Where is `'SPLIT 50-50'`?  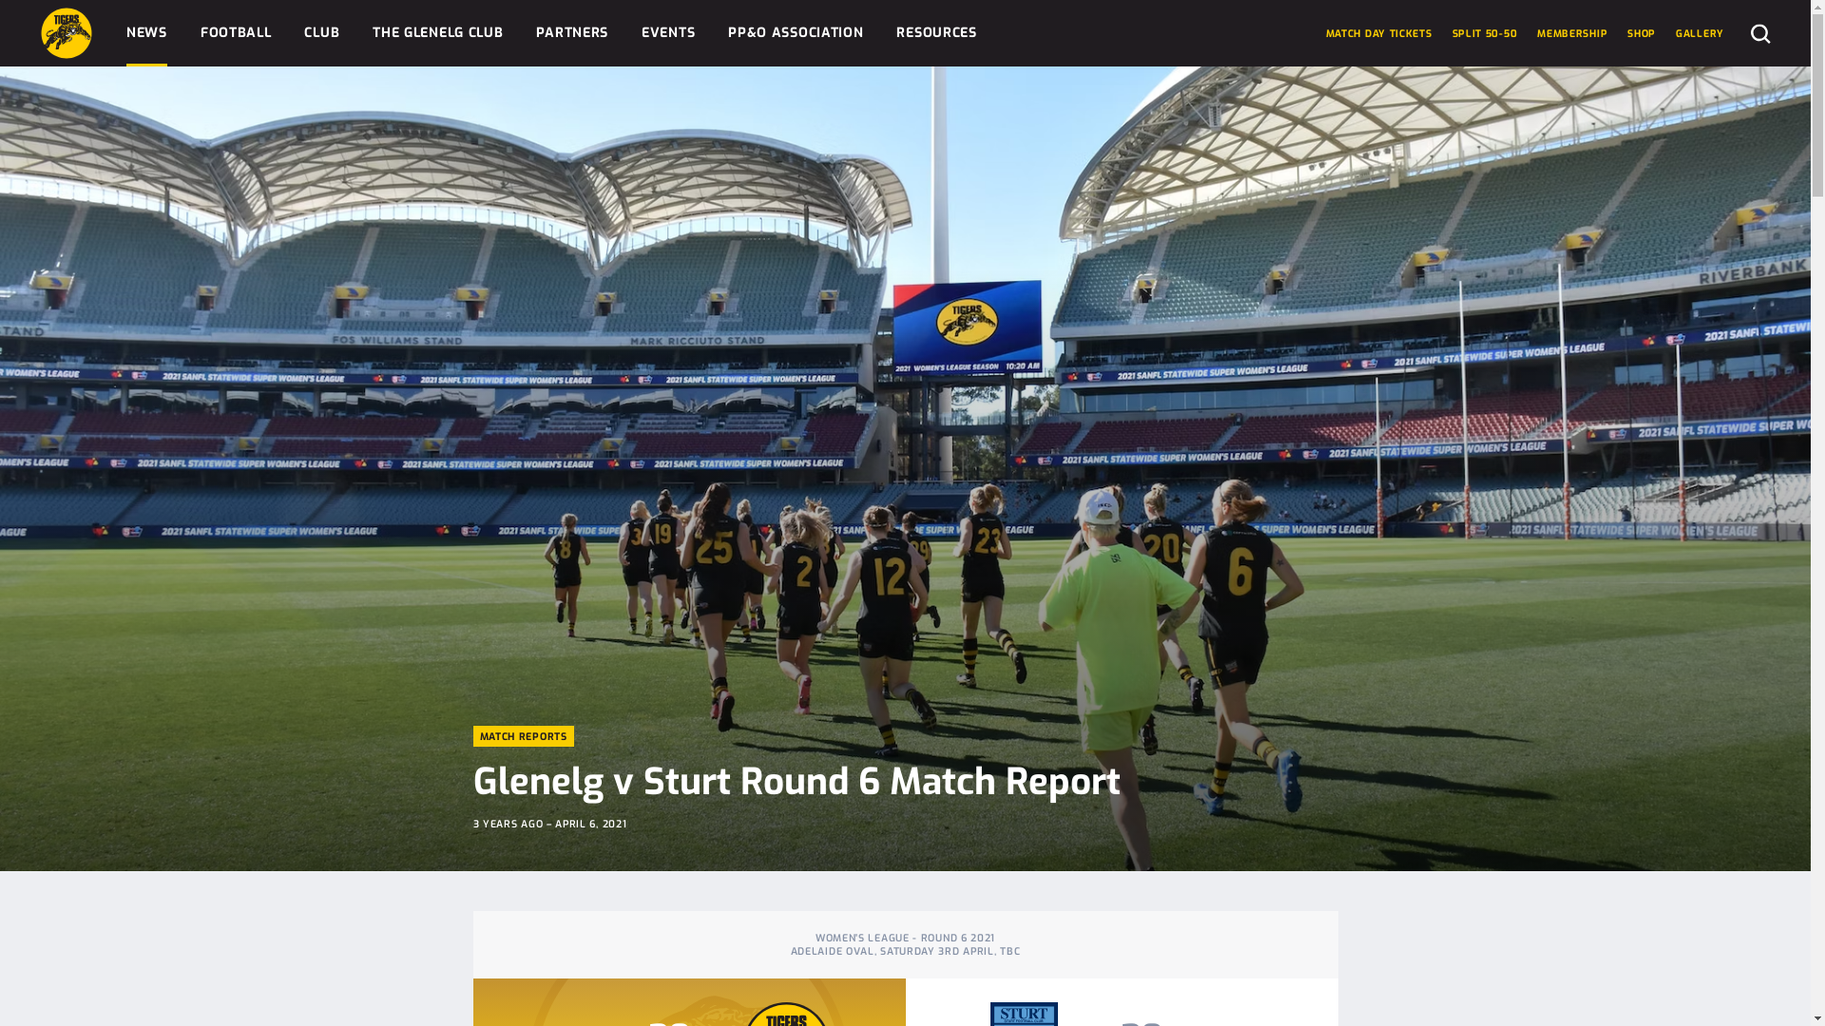 'SPLIT 50-50' is located at coordinates (1484, 32).